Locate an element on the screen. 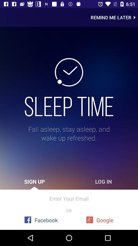 Image resolution: width=138 pixels, height=246 pixels. item below sign up icon is located at coordinates (69, 198).